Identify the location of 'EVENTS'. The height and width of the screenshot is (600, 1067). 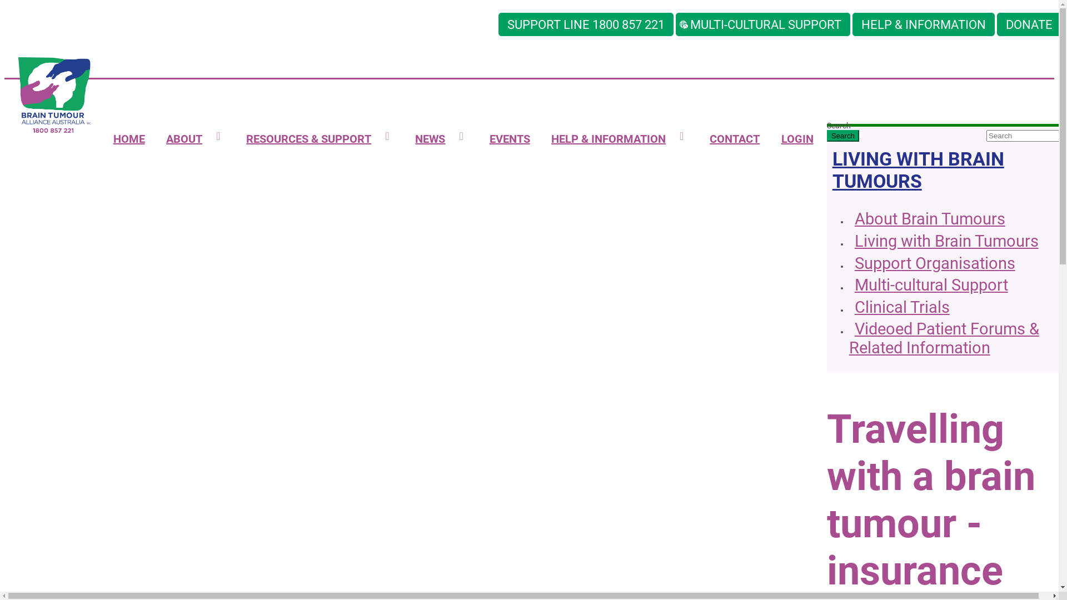
(508, 138).